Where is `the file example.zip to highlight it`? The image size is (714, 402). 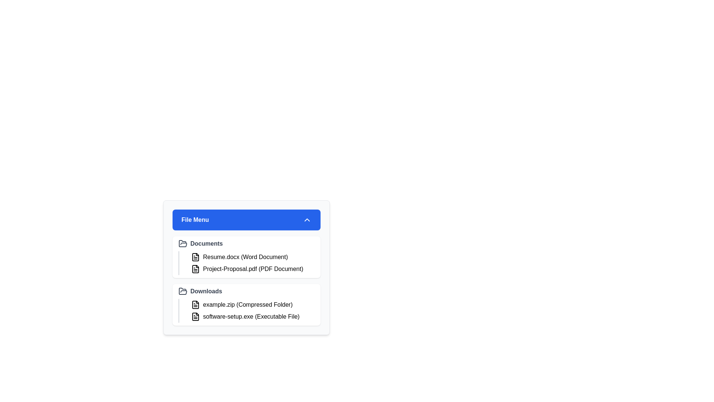
the file example.zip to highlight it is located at coordinates (251, 304).